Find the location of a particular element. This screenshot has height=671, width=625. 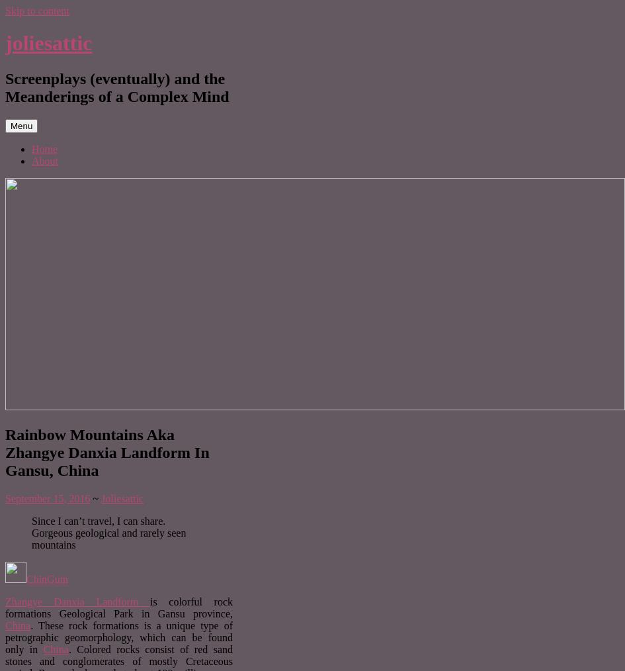

'. These rock formations is a unique type of petrographic geomorphology, which can be found only in' is located at coordinates (119, 637).